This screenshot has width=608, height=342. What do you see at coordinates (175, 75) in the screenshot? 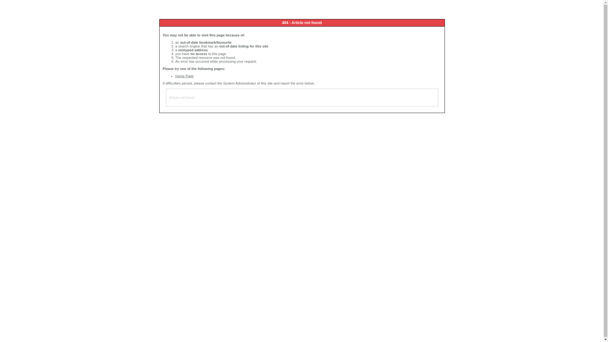
I see `'Home Page'` at bounding box center [175, 75].